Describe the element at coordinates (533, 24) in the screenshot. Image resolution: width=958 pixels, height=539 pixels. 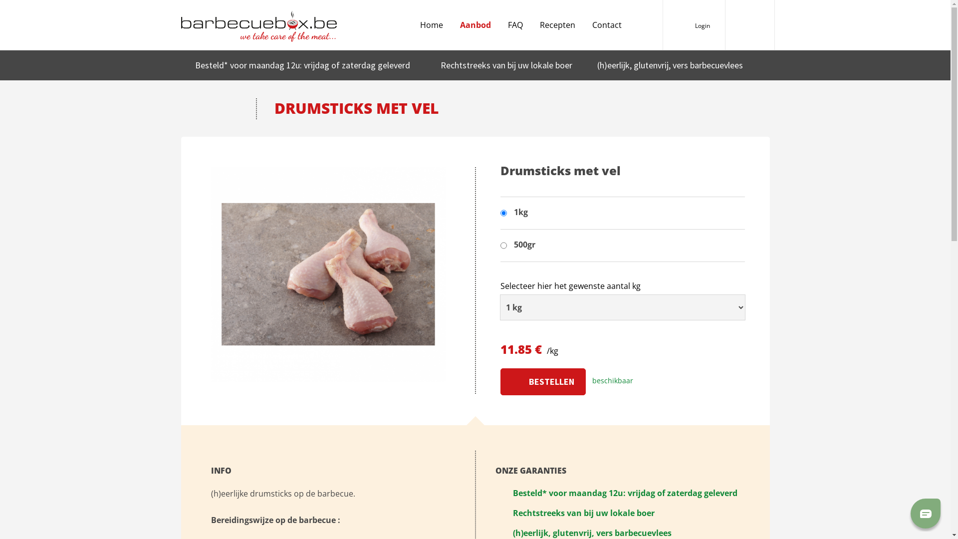
I see `'Recepten'` at that location.